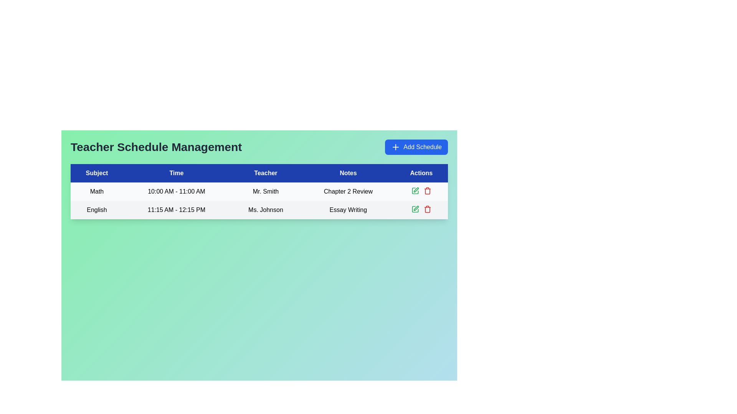 The height and width of the screenshot is (414, 737). What do you see at coordinates (415, 190) in the screenshot?
I see `the green edit icon located in the 'Actions' column of the second row in the table` at bounding box center [415, 190].